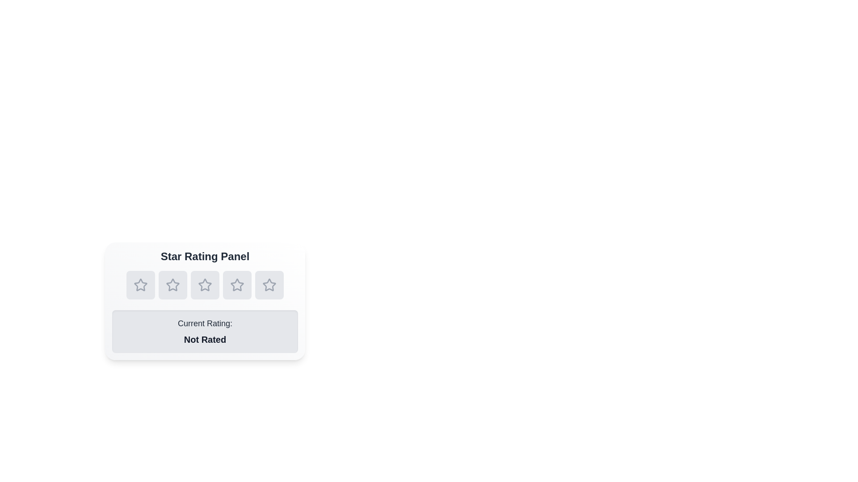 The image size is (858, 482). I want to click on the star rating icons in the Interactive rating panel component, so click(205, 301).